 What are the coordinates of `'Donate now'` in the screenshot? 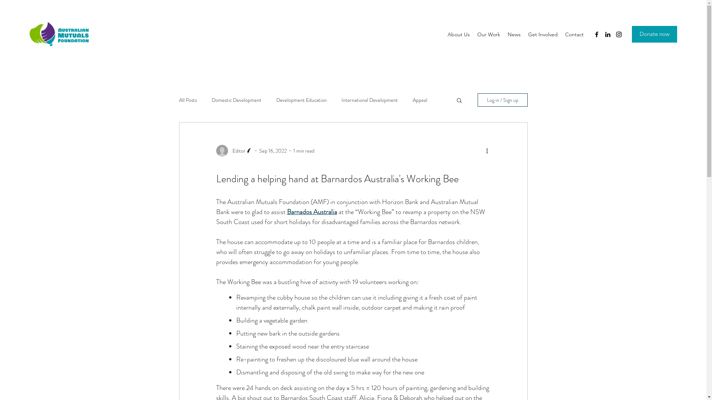 It's located at (655, 34).